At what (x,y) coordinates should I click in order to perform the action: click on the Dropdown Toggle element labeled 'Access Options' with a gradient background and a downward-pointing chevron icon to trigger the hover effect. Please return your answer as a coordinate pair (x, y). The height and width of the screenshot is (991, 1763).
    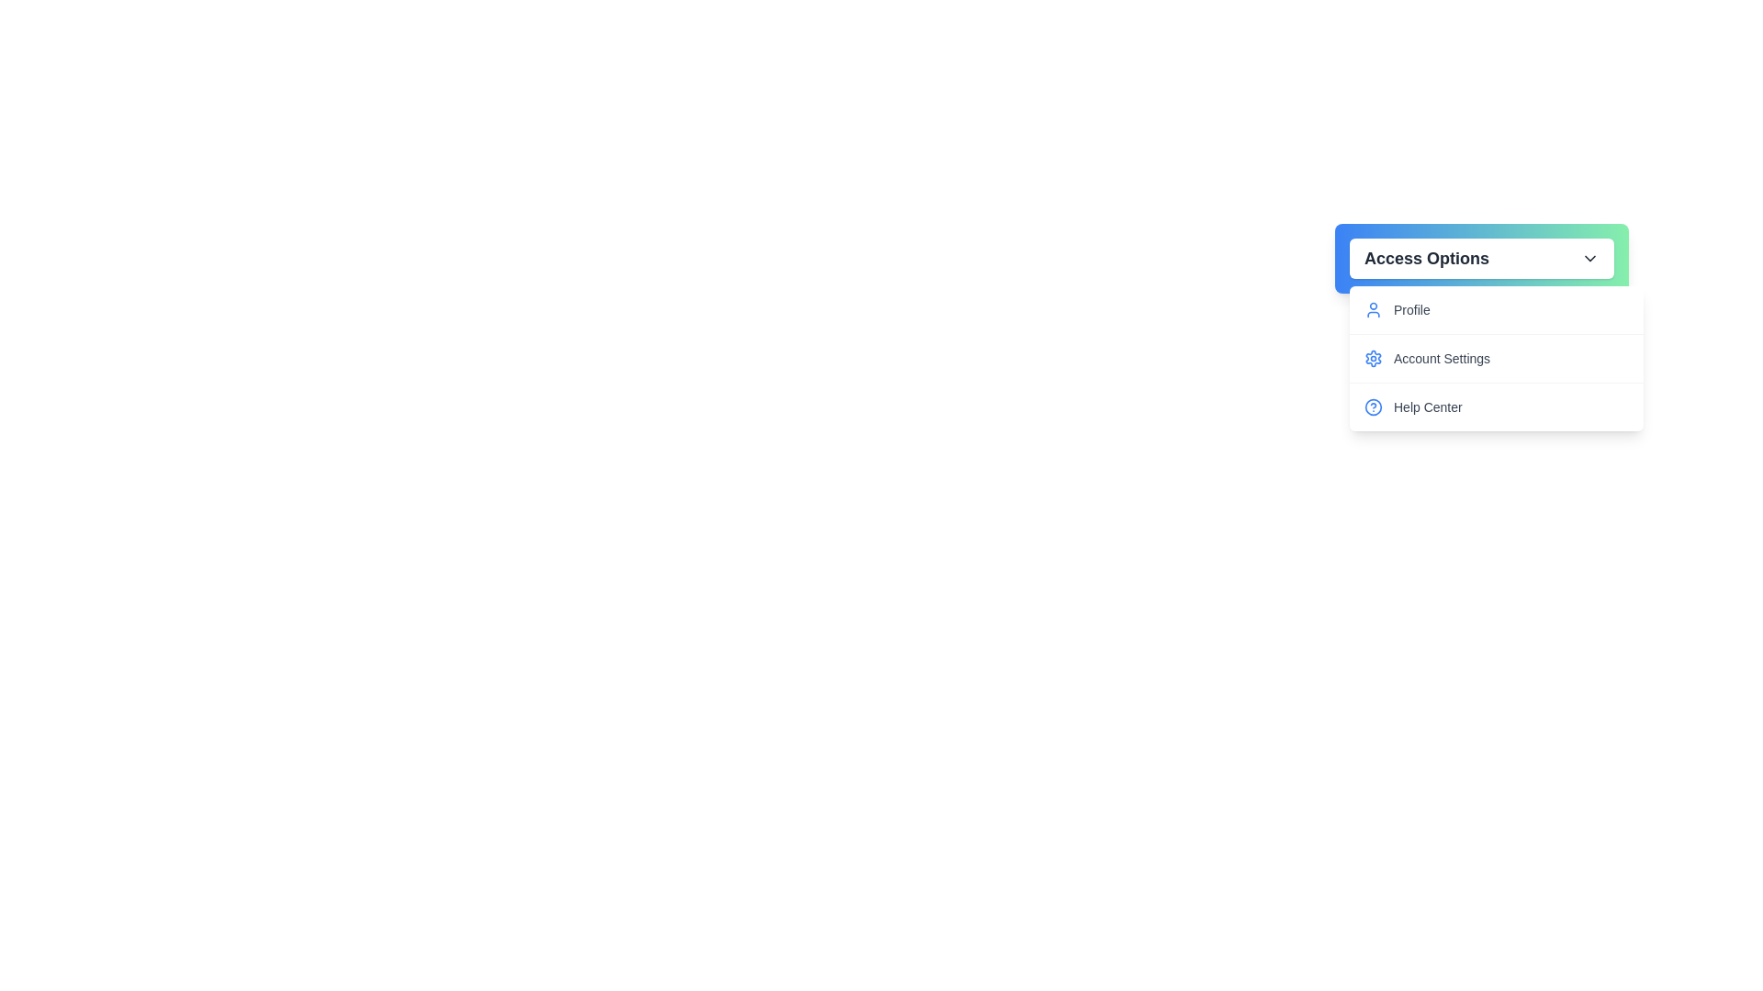
    Looking at the image, I should click on (1481, 258).